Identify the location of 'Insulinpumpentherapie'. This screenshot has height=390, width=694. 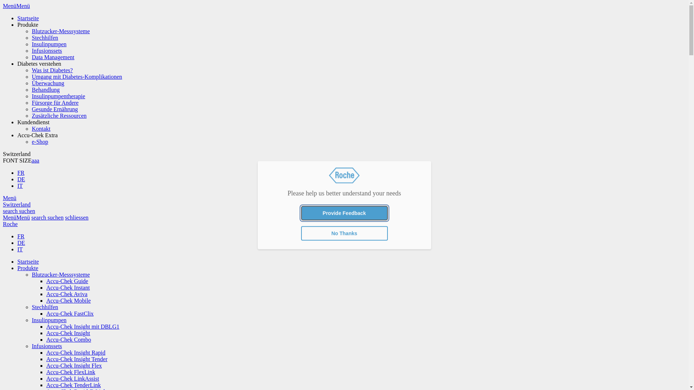
(31, 96).